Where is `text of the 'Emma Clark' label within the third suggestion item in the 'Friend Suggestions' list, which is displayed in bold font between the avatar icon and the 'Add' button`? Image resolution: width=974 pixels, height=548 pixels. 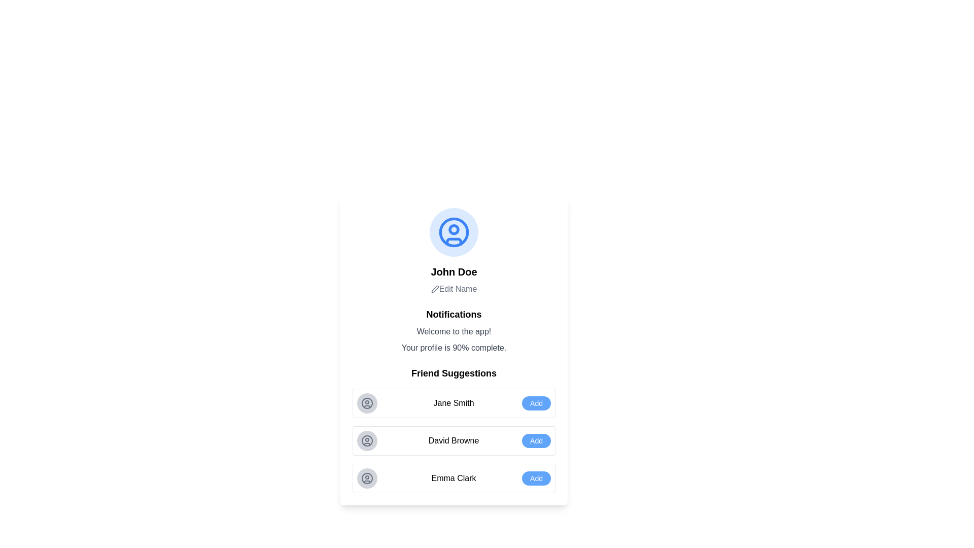 text of the 'Emma Clark' label within the third suggestion item in the 'Friend Suggestions' list, which is displayed in bold font between the avatar icon and the 'Add' button is located at coordinates (453, 478).